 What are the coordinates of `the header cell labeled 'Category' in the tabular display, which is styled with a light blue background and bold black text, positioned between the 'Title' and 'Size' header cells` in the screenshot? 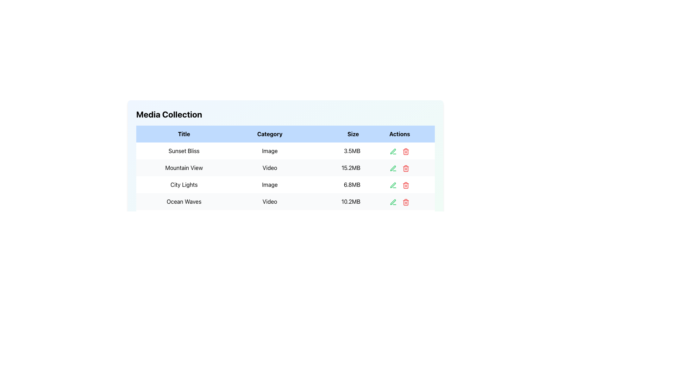 It's located at (269, 134).